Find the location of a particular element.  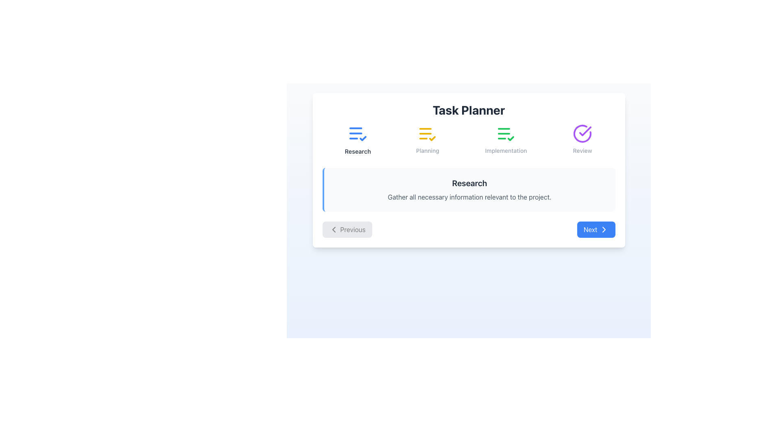

the text label 'Implementation' which is the third item in the navigation bar under the header 'Task Planner', located centrally below a green checklist icon is located at coordinates (505, 150).